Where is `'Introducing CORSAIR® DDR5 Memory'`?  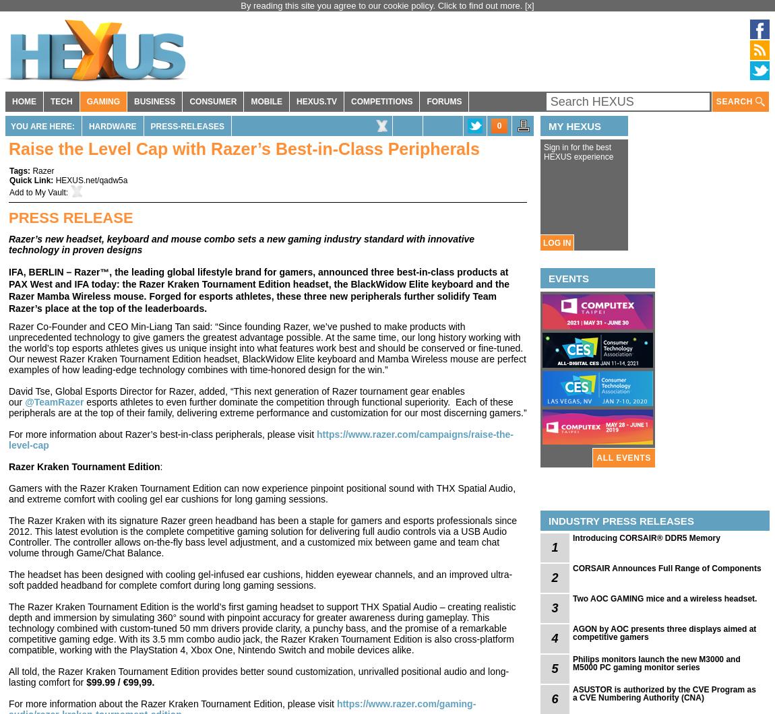
'Introducing CORSAIR® DDR5 Memory' is located at coordinates (646, 538).